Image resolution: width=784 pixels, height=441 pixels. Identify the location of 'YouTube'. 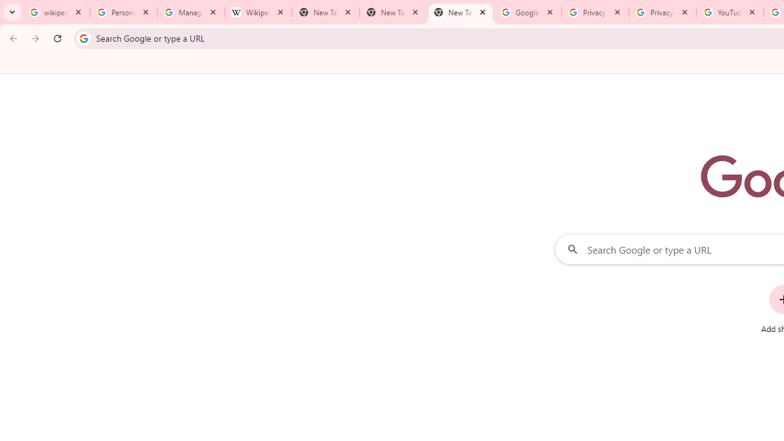
(729, 12).